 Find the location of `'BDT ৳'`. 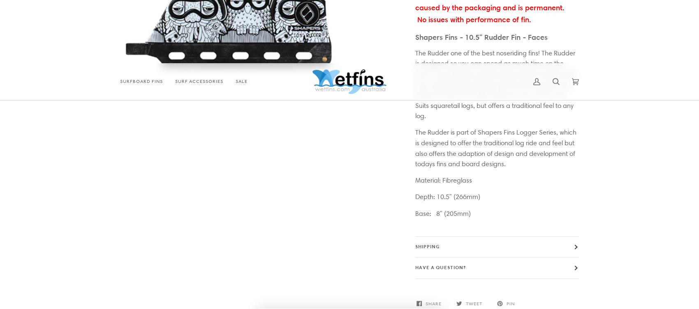

'BDT ৳' is located at coordinates (338, 225).